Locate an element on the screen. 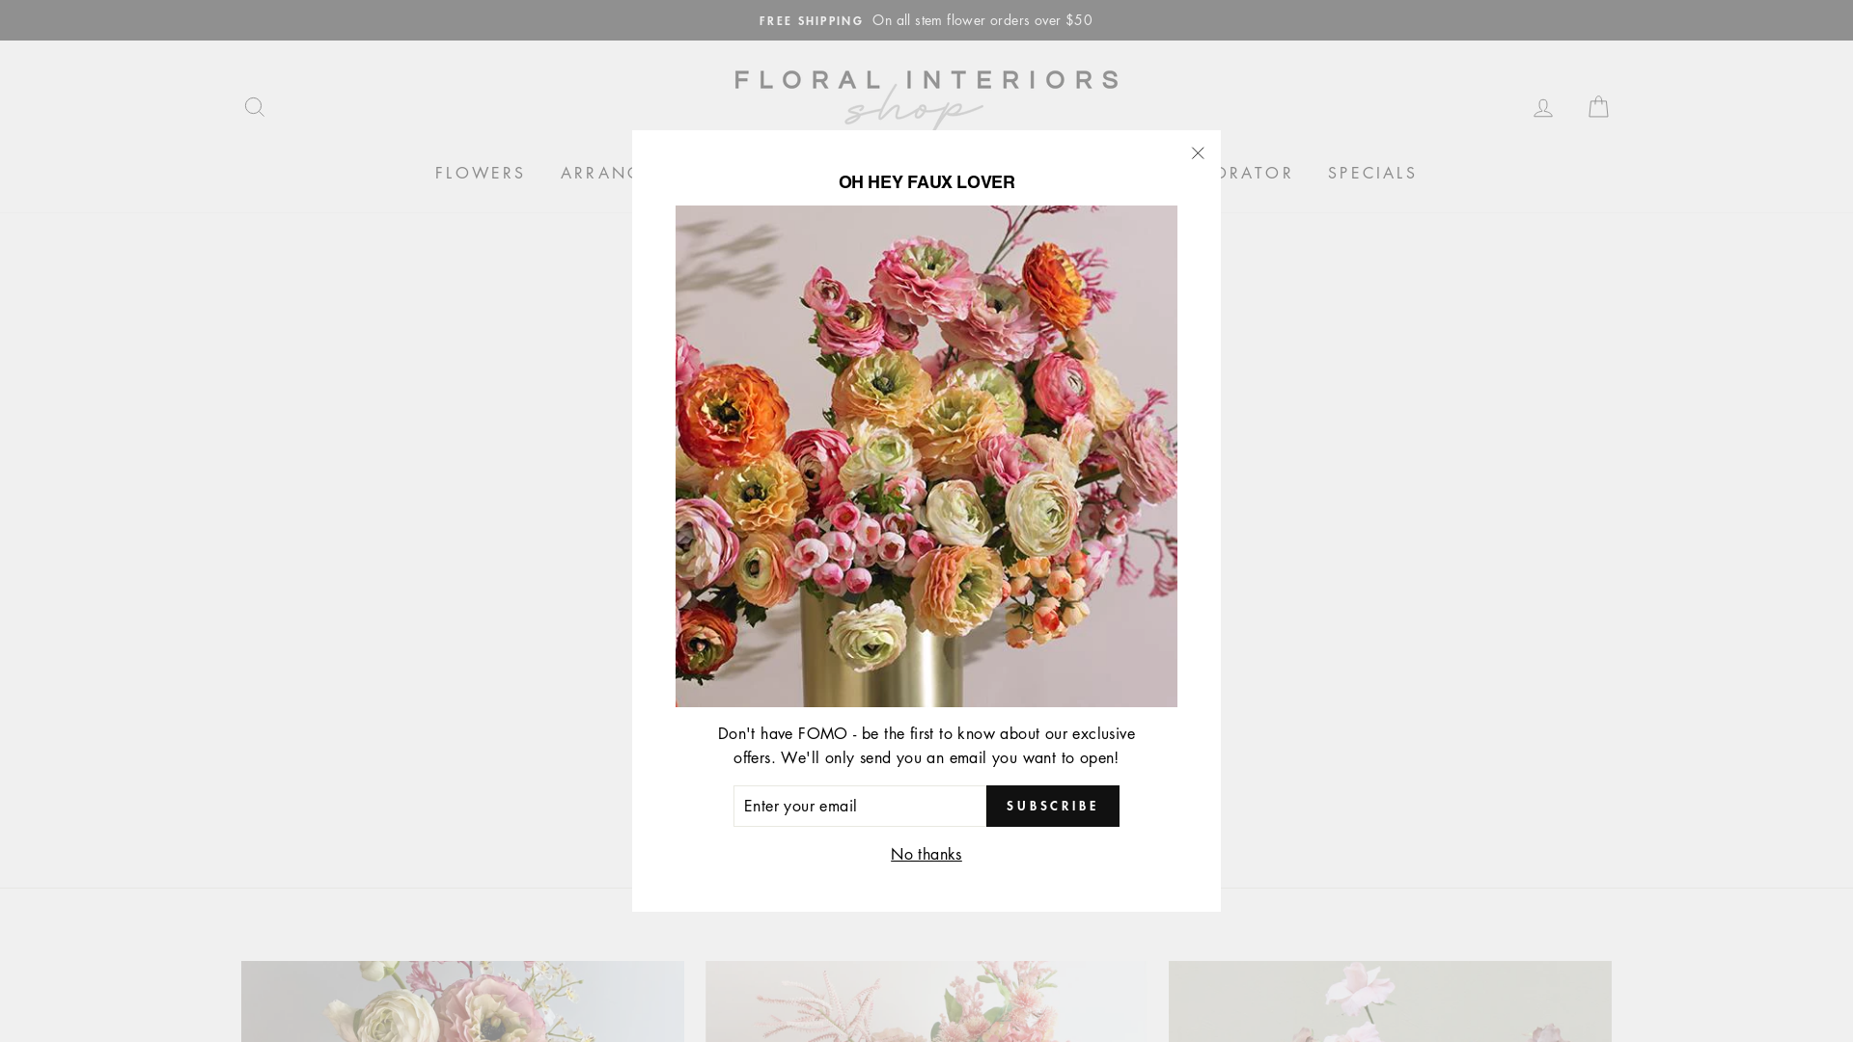  'FLOWERS' is located at coordinates (481, 174).